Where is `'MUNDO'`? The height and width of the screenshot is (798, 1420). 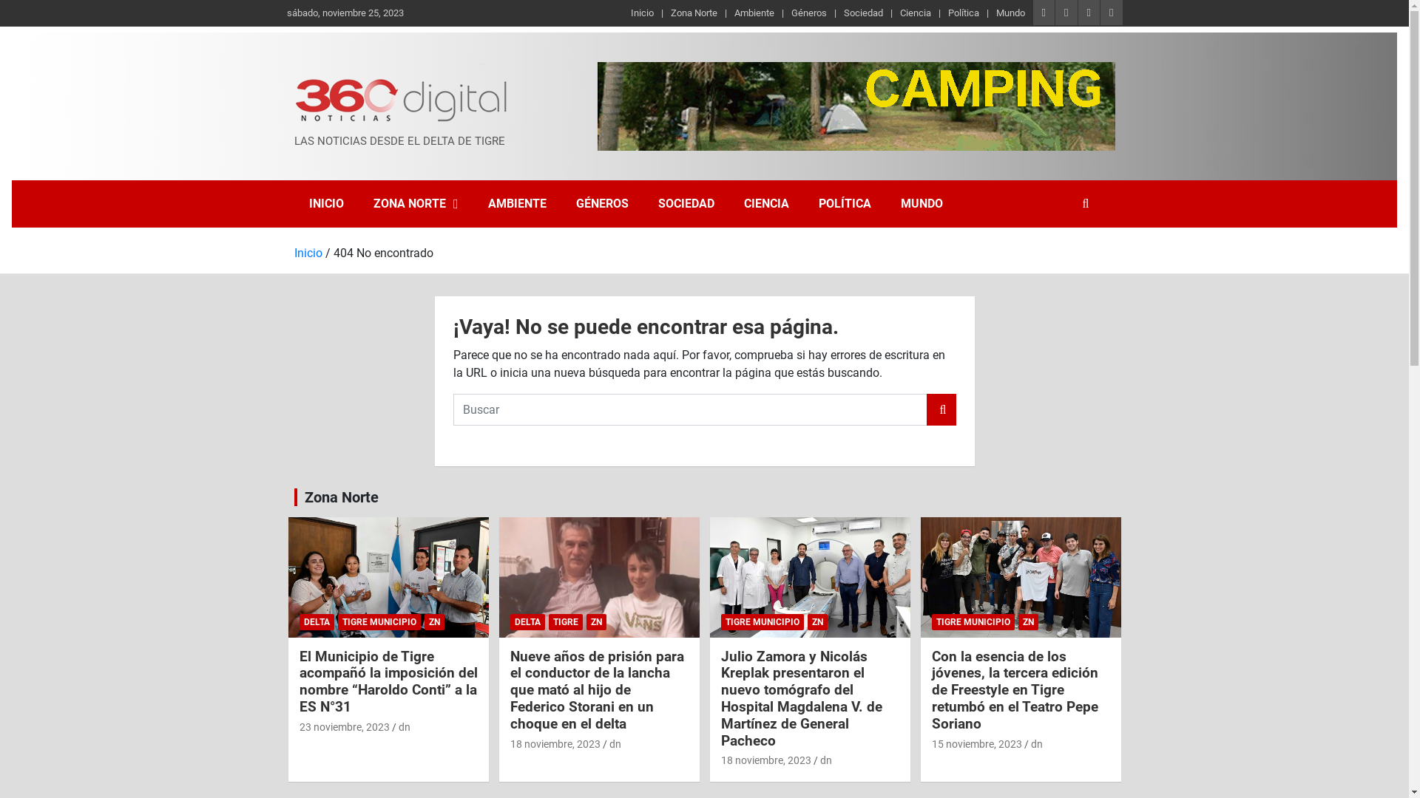 'MUNDO' is located at coordinates (886, 204).